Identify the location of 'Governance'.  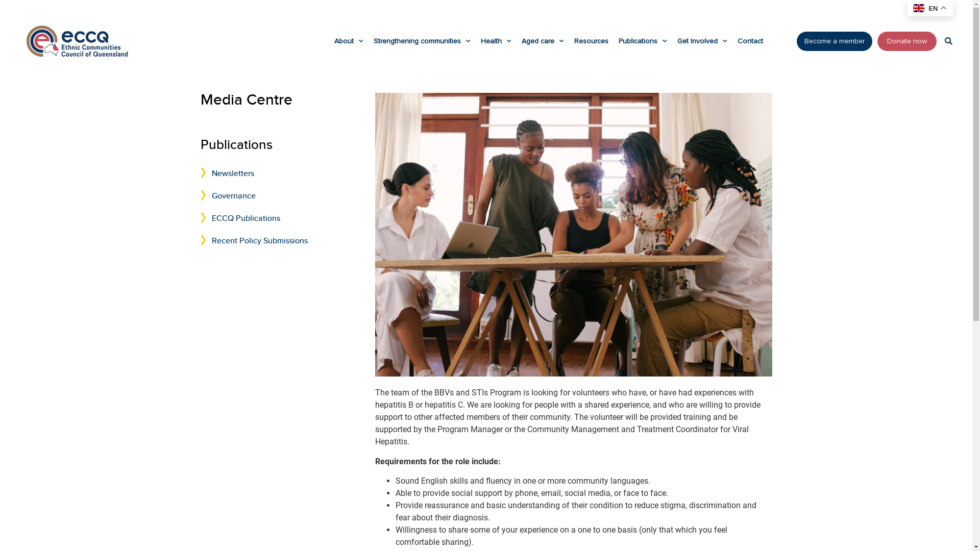
(282, 196).